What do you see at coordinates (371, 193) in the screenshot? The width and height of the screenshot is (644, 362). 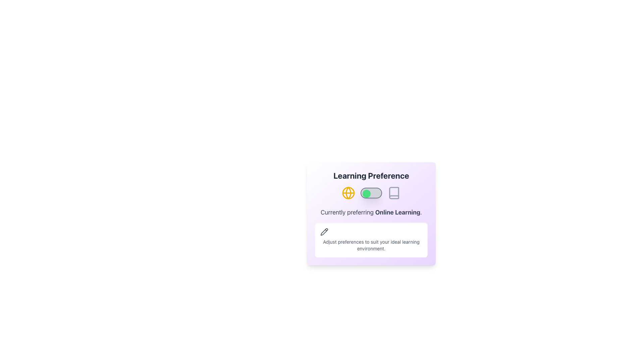 I see `the toggle switch in the 'Learning Preference' section` at bounding box center [371, 193].